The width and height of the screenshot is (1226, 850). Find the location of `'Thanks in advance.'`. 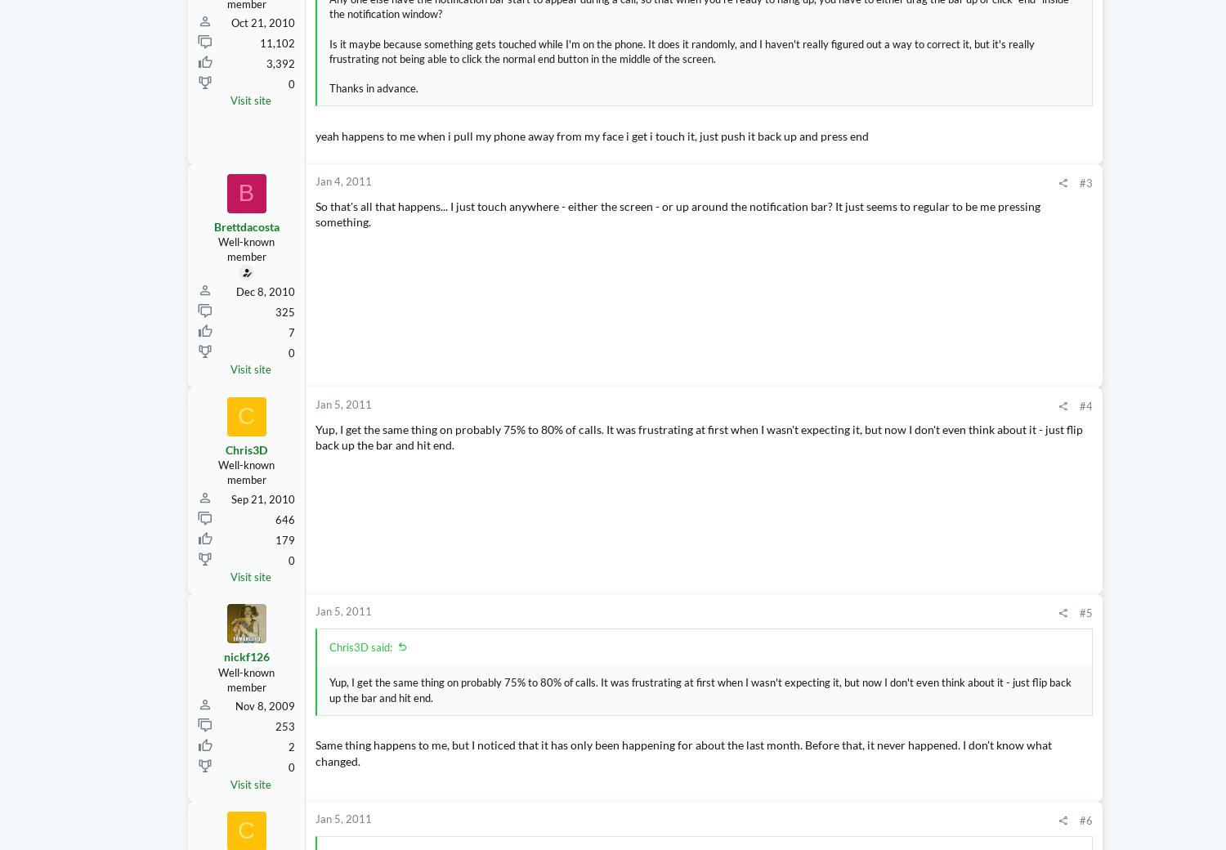

'Thanks in advance.' is located at coordinates (373, 87).